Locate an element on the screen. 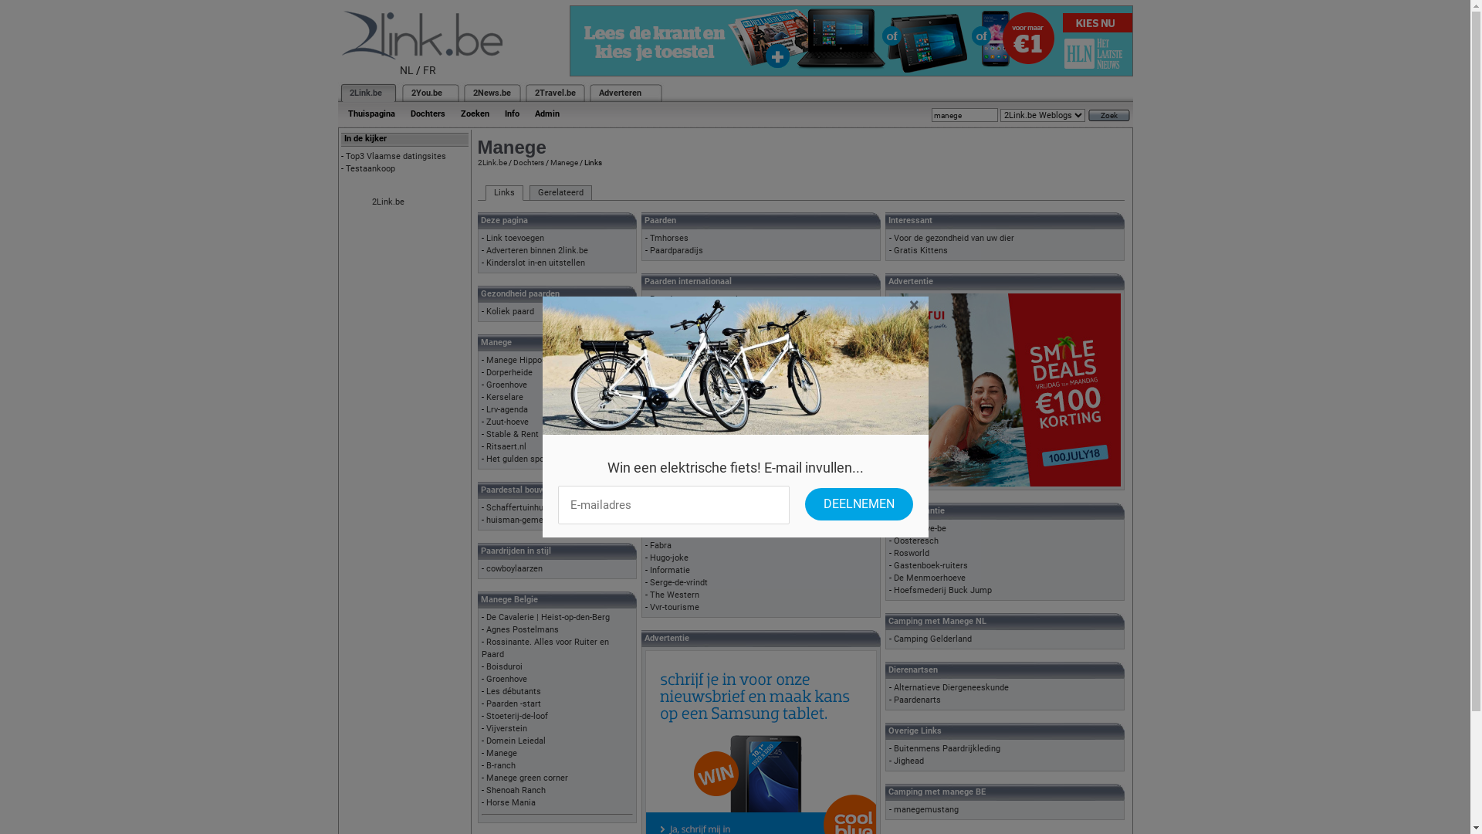  'Paardenarts' is located at coordinates (917, 700).